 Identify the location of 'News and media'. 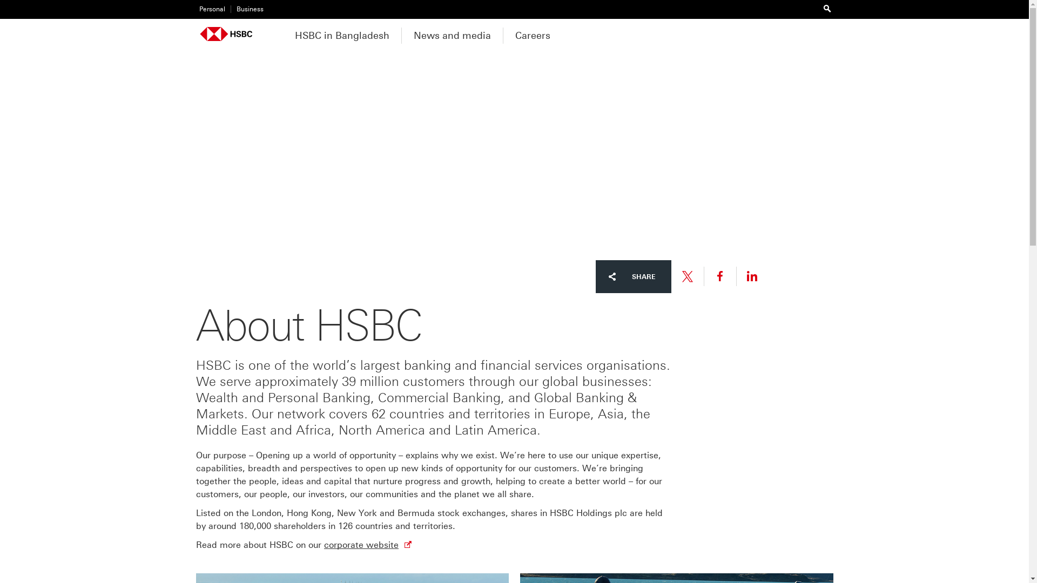
(400, 33).